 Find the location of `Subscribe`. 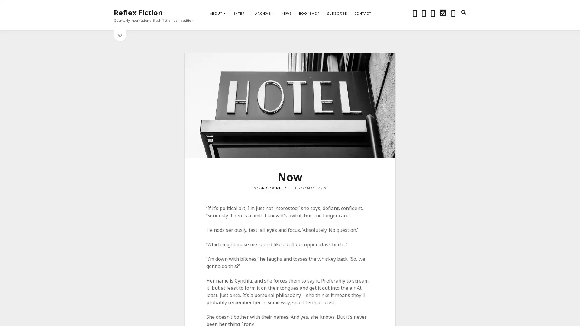

Subscribe is located at coordinates (365, 70).